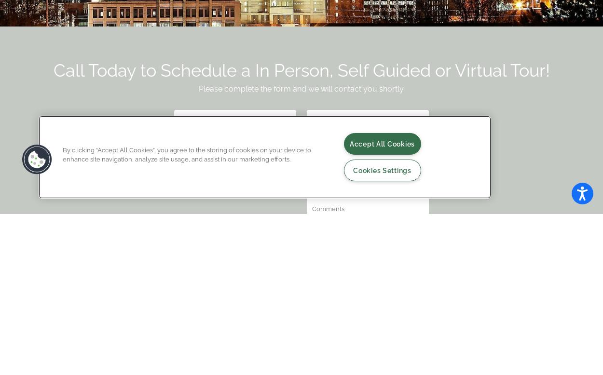 Image resolution: width=603 pixels, height=375 pixels. Describe the element at coordinates (301, 70) in the screenshot. I see `'Call Today to Schedule a In Person, Self Guided or Virtual Tour!'` at that location.